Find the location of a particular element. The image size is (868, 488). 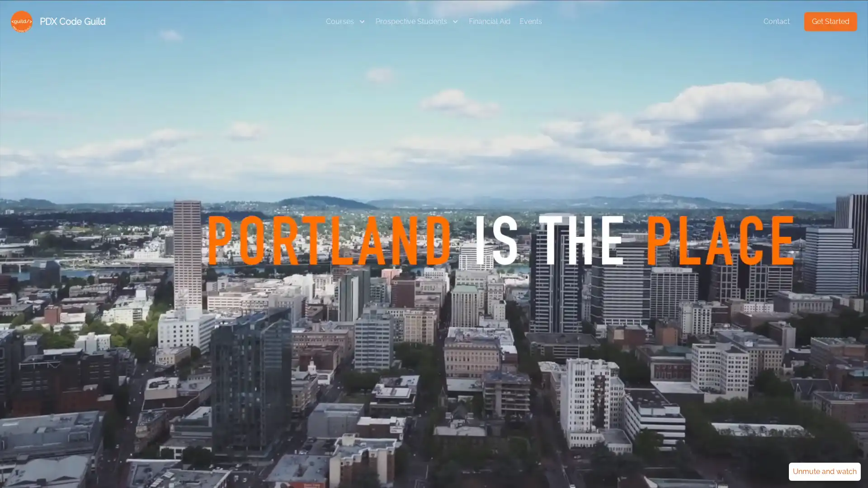

Financial Aid is located at coordinates (489, 21).